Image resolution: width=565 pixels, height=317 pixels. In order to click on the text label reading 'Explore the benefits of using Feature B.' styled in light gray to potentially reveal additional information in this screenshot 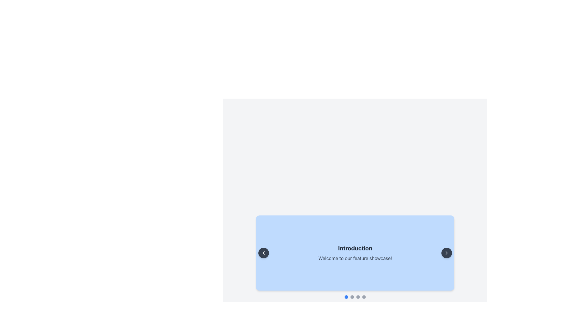, I will do `click(355, 258)`.